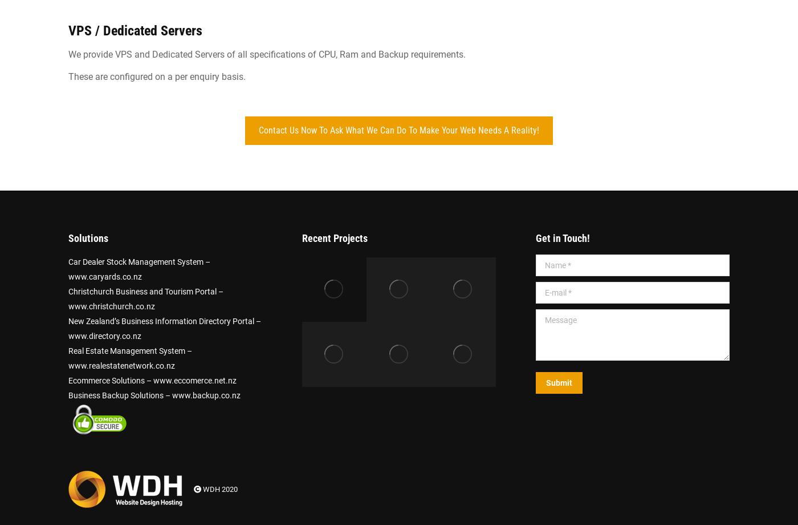  I want to click on 'Contact Us Now To Ask What We Can Do To Make Your Web Needs A Reality!', so click(399, 130).